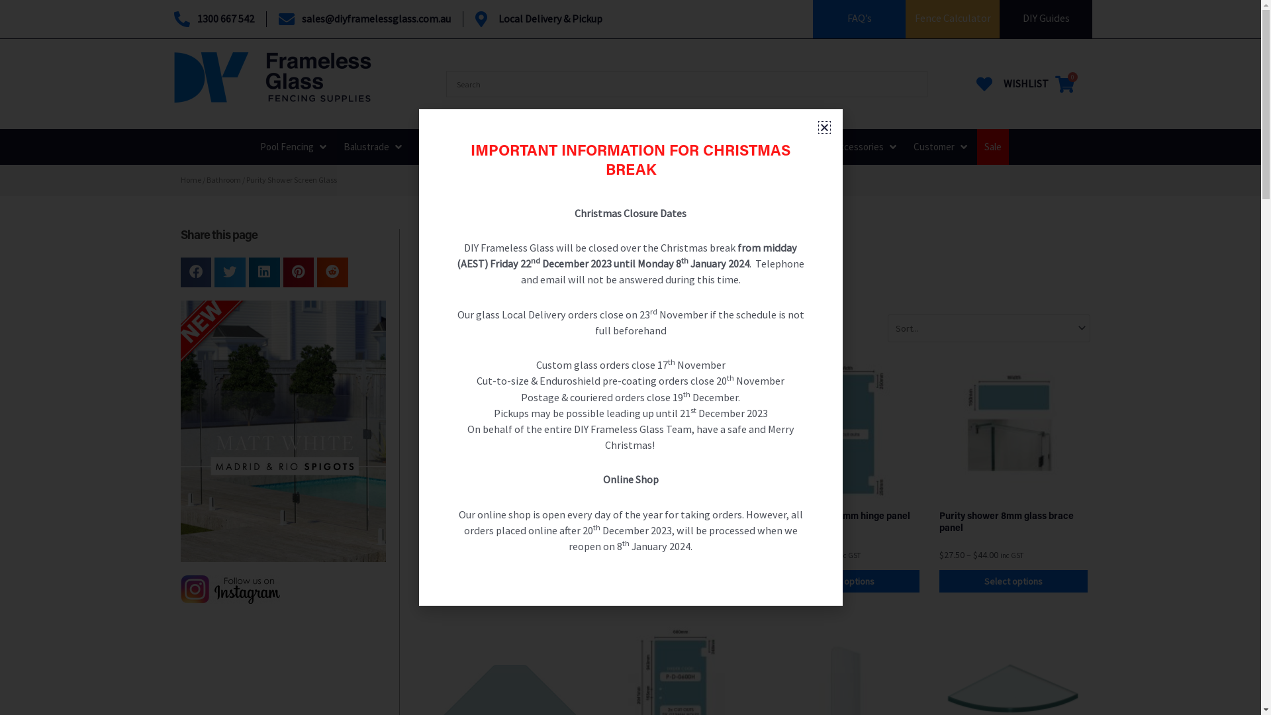 The height and width of the screenshot is (715, 1271). Describe the element at coordinates (1064, 84) in the screenshot. I see `'0'` at that location.